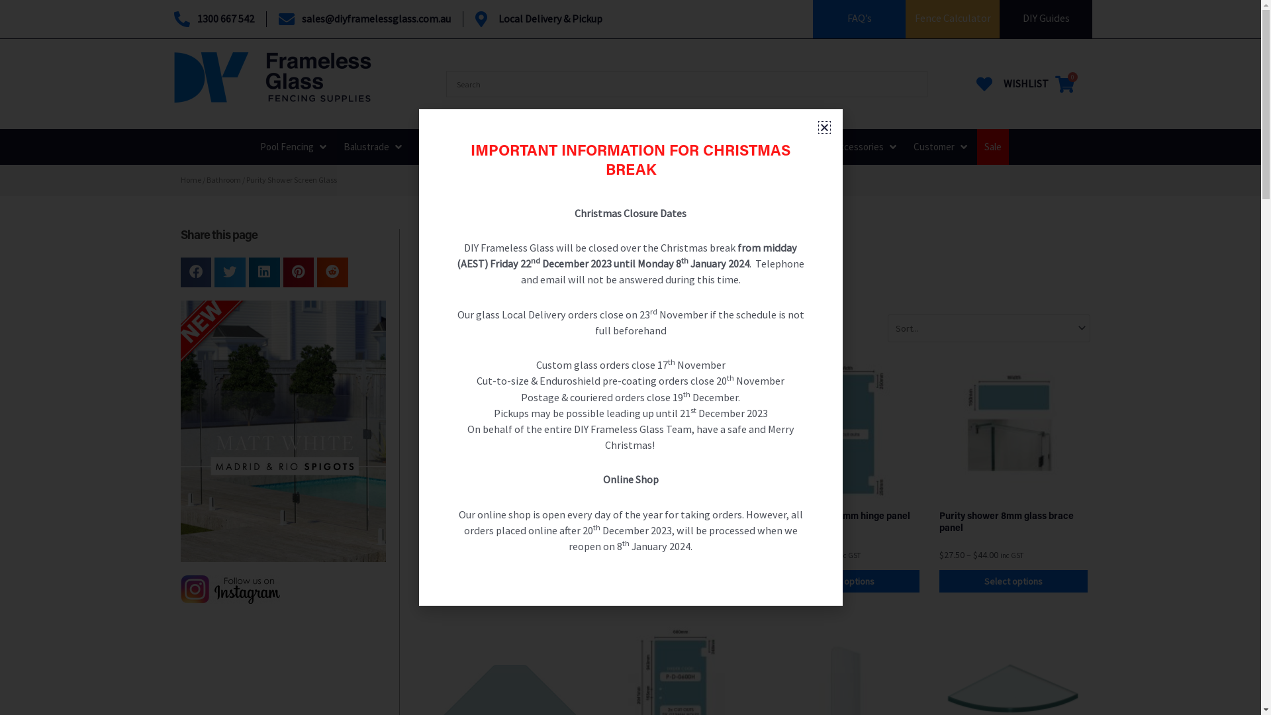 The height and width of the screenshot is (715, 1271). Describe the element at coordinates (1064, 84) in the screenshot. I see `'0'` at that location.